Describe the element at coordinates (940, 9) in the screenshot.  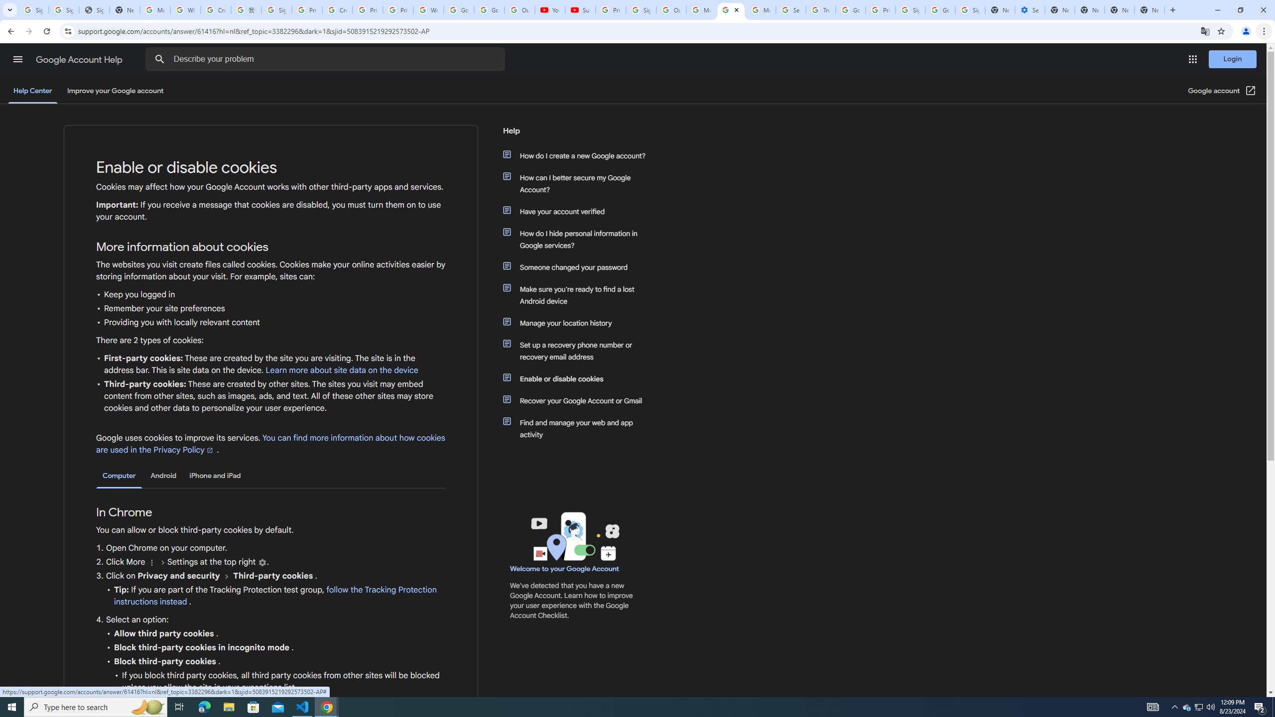
I see `'Google Cybersecurity Innovations - Google Safety Center'` at that location.